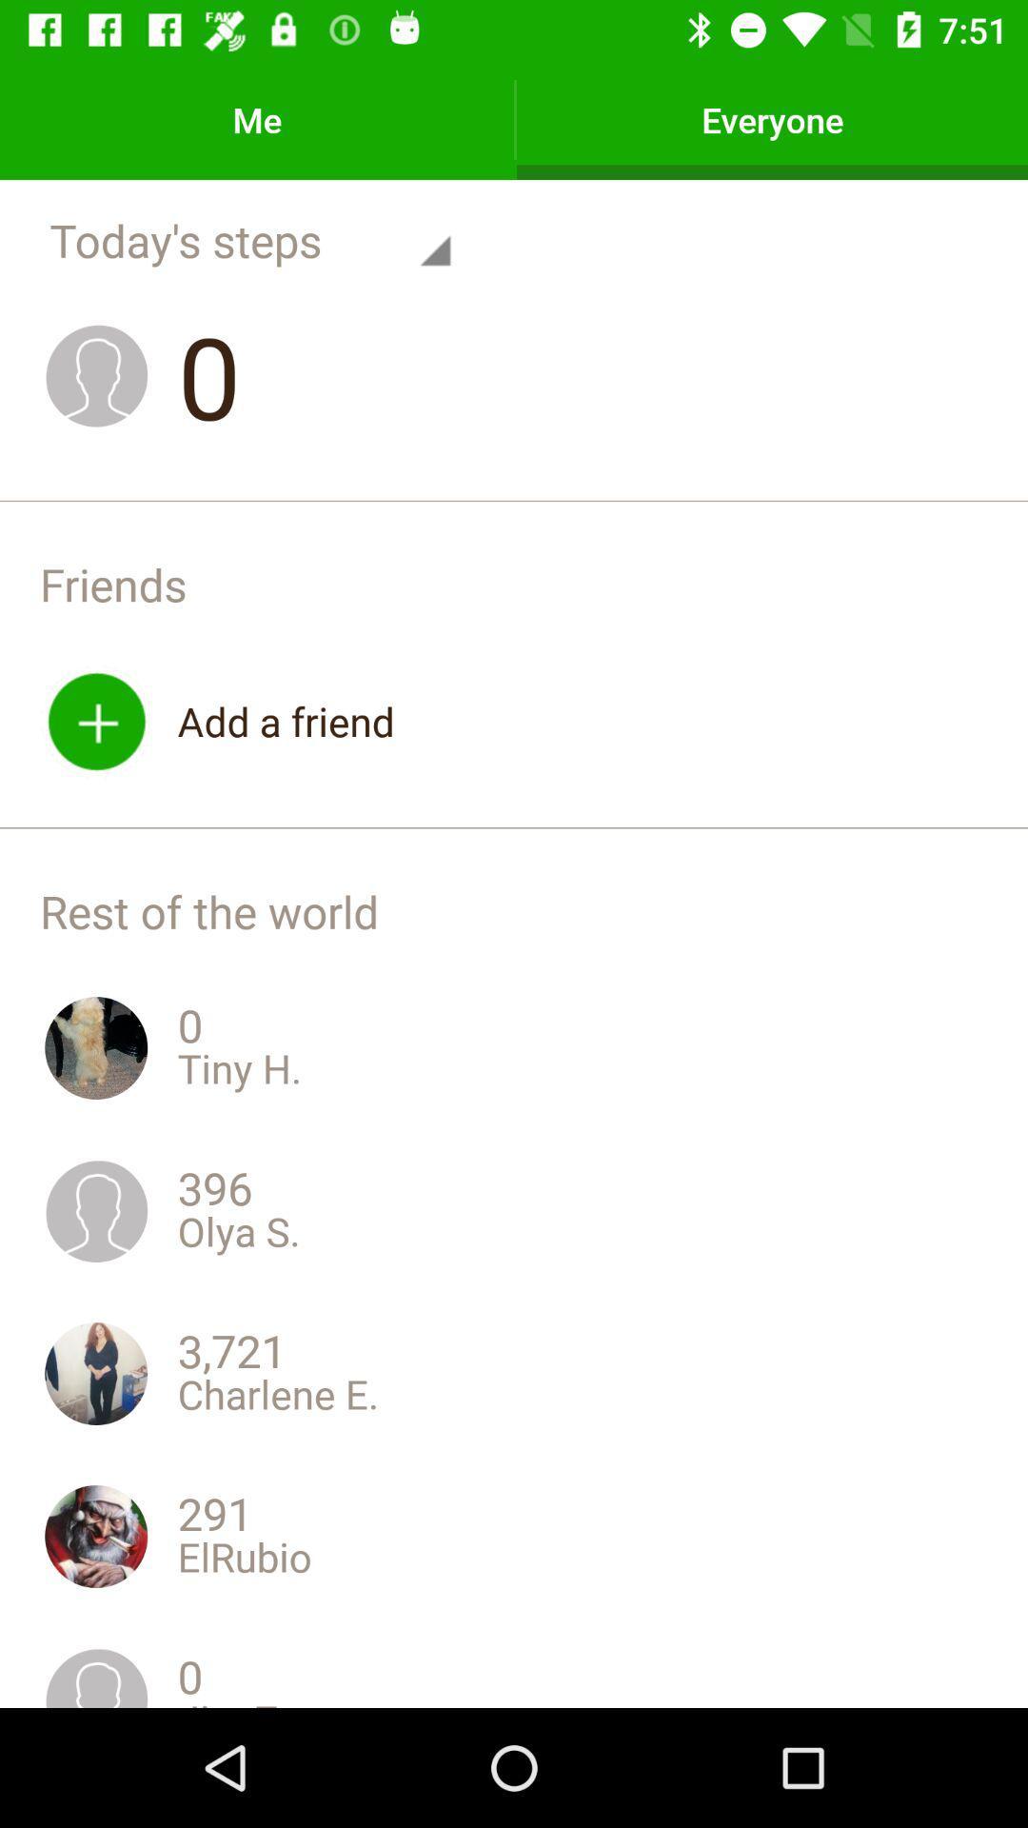 The image size is (1028, 1828). What do you see at coordinates (96, 1536) in the screenshot?
I see `the fourth image in rest of the world` at bounding box center [96, 1536].